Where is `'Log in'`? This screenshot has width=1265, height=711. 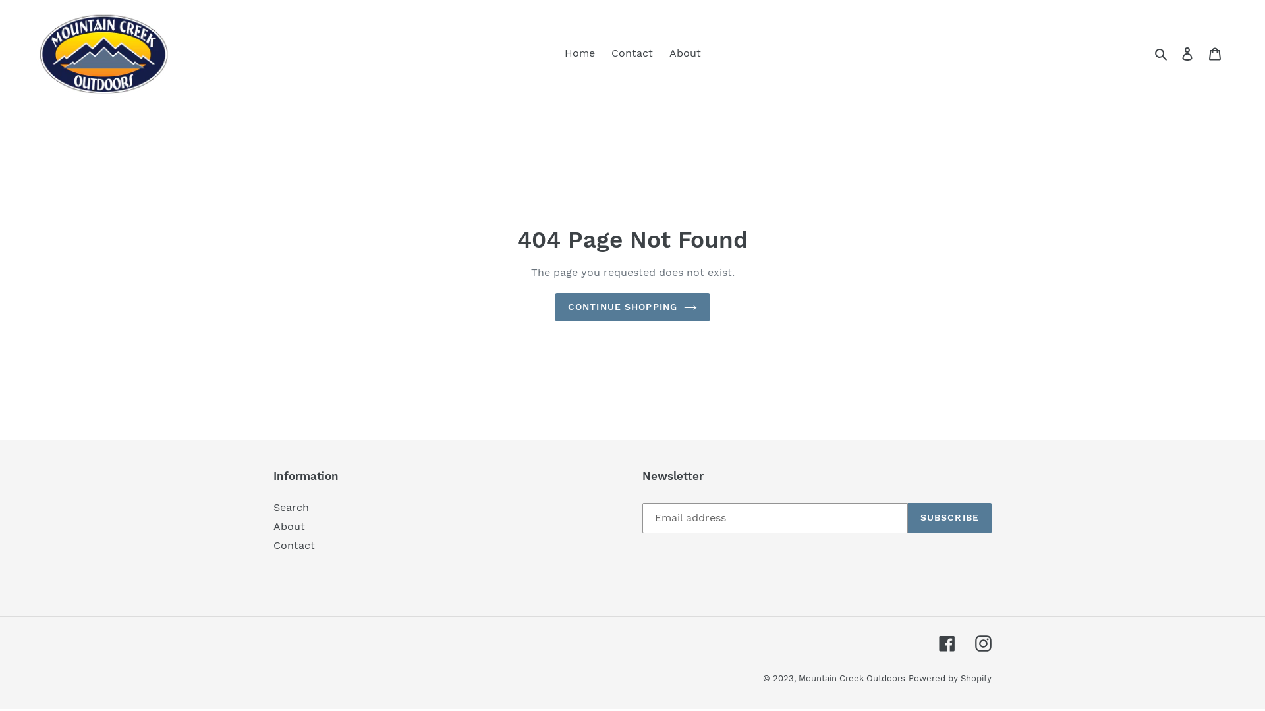 'Log in' is located at coordinates (1187, 53).